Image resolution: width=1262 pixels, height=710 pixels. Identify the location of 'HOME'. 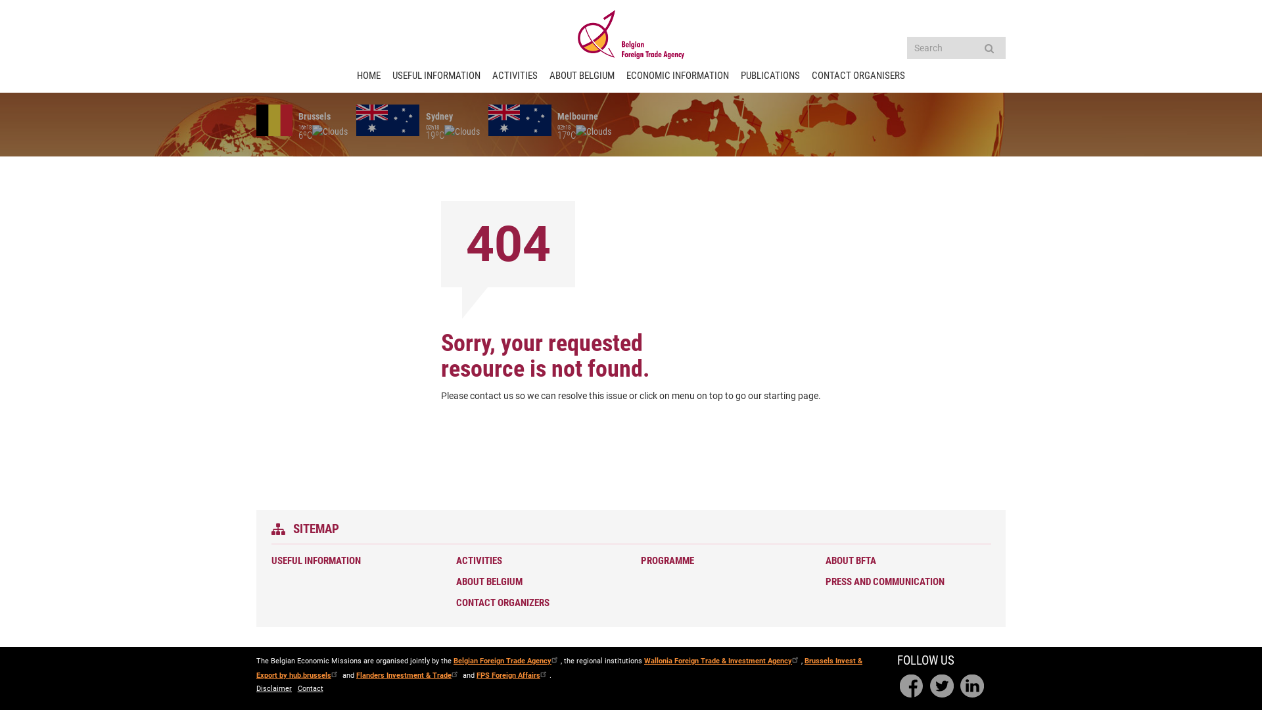
(368, 76).